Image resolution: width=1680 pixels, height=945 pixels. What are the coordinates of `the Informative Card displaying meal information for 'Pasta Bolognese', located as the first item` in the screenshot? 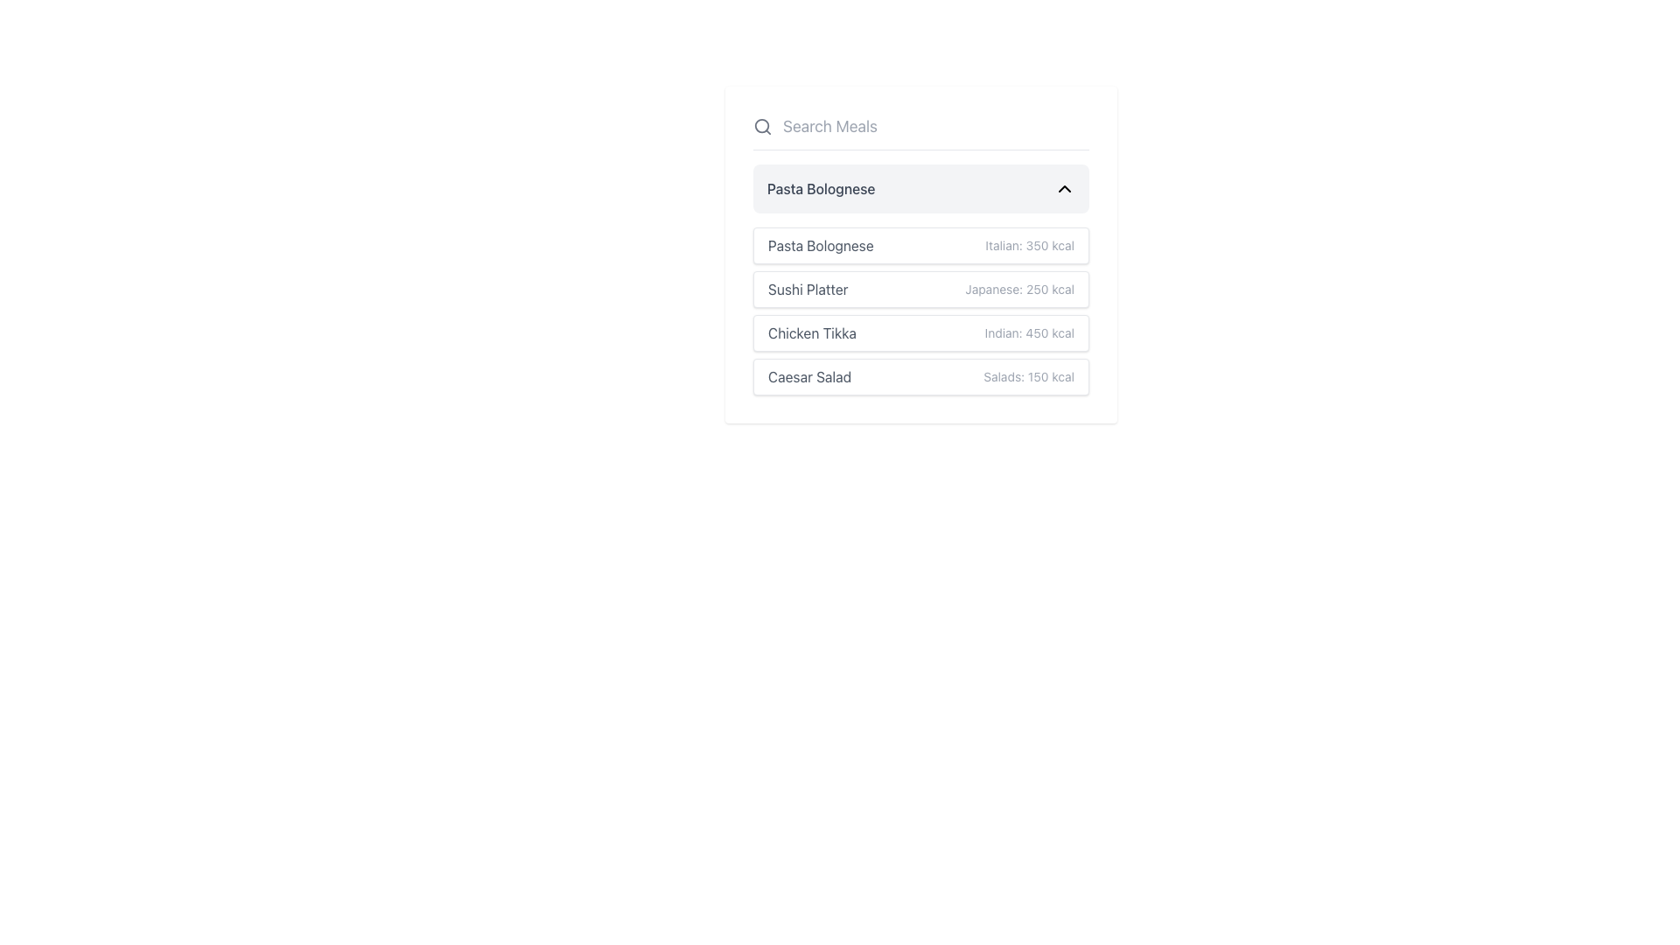 It's located at (920, 255).